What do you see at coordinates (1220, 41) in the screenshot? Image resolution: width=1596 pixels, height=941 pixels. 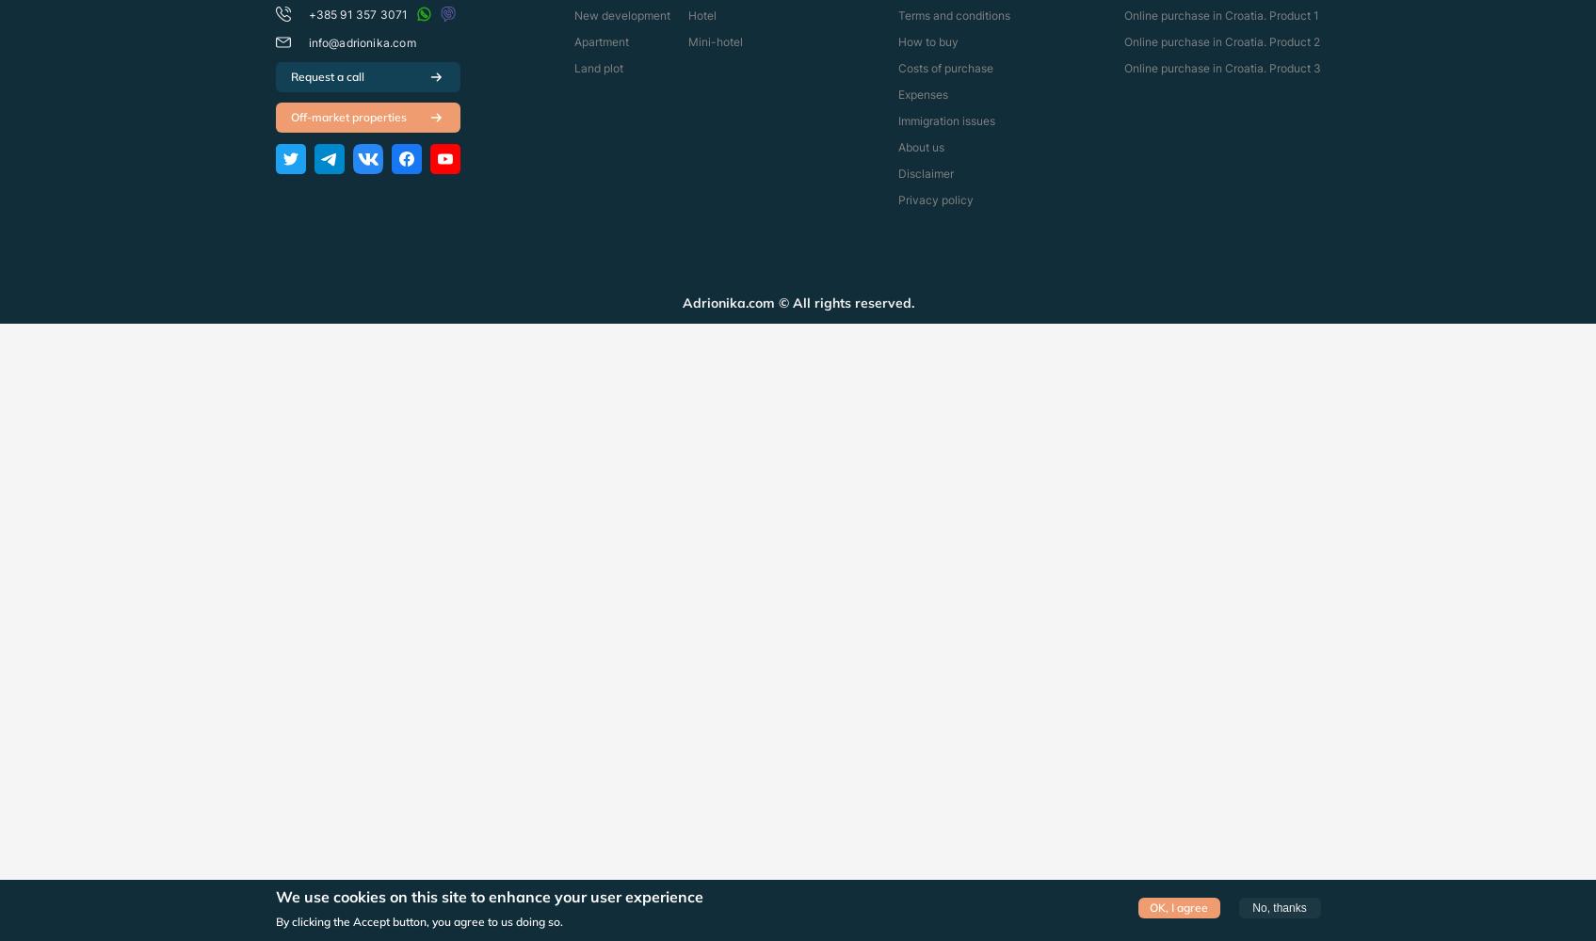 I see `'Online purchase in Croatia. Product 2'` at bounding box center [1220, 41].